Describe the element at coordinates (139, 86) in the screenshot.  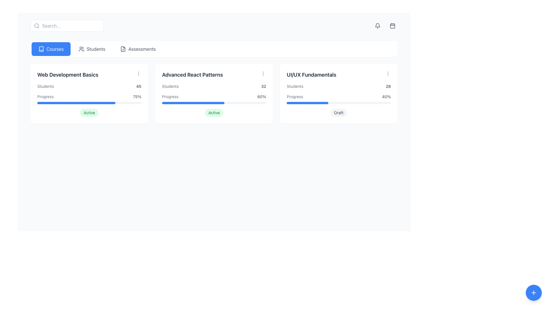
I see `the Text label displaying the count '45' of students associated with the 'Web Development Basics' card, positioned in the top-right corner of the card` at that location.